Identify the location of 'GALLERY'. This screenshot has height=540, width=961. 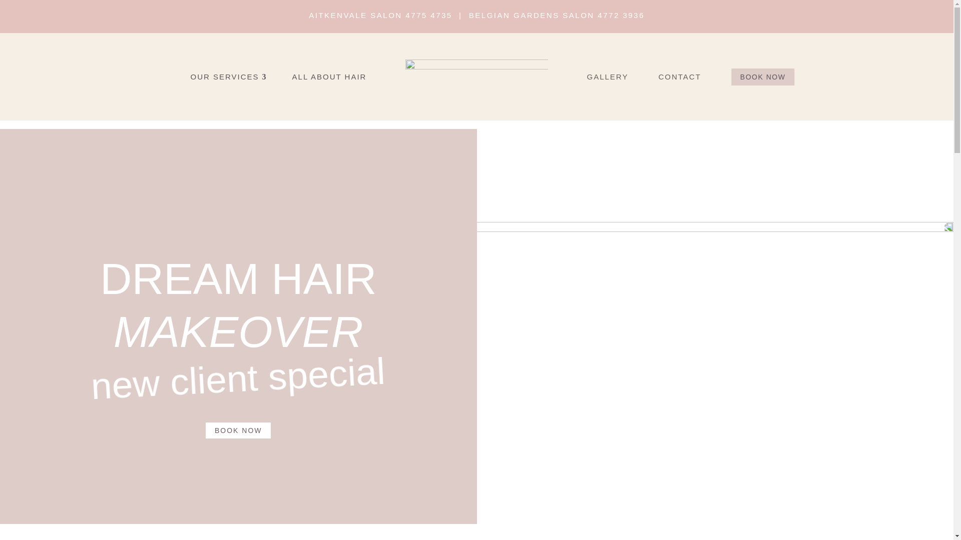
(622, 76).